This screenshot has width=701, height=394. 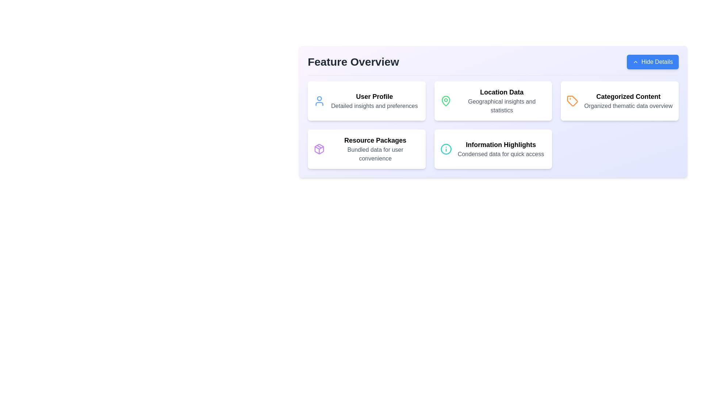 I want to click on the 'Hide Details' button with a blue background and a chevron icon located in the top-right corner of the 'Feature Overview' section, so click(x=652, y=61).